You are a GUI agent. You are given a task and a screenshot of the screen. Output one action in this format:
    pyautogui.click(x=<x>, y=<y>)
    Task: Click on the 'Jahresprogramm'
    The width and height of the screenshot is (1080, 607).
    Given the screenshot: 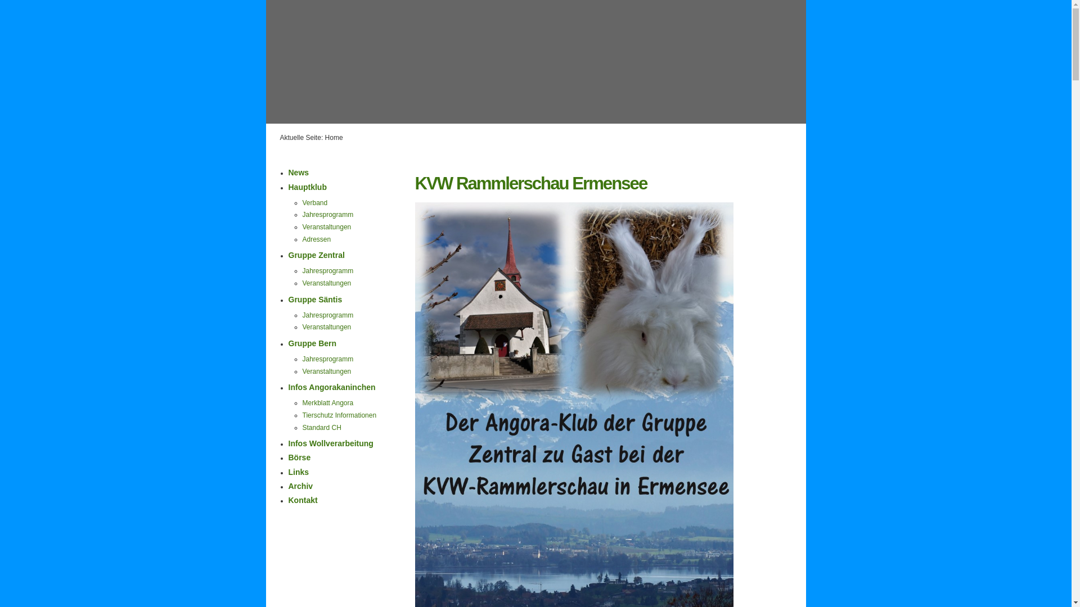 What is the action you would take?
    pyautogui.click(x=327, y=214)
    